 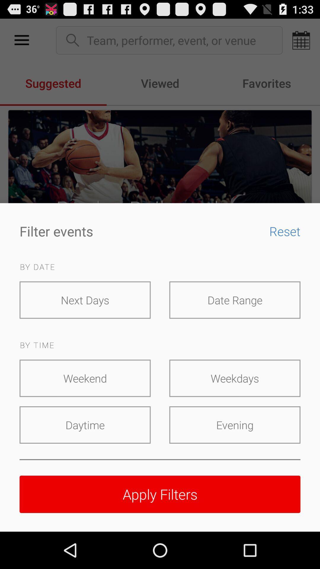 I want to click on item below by time icon, so click(x=85, y=378).